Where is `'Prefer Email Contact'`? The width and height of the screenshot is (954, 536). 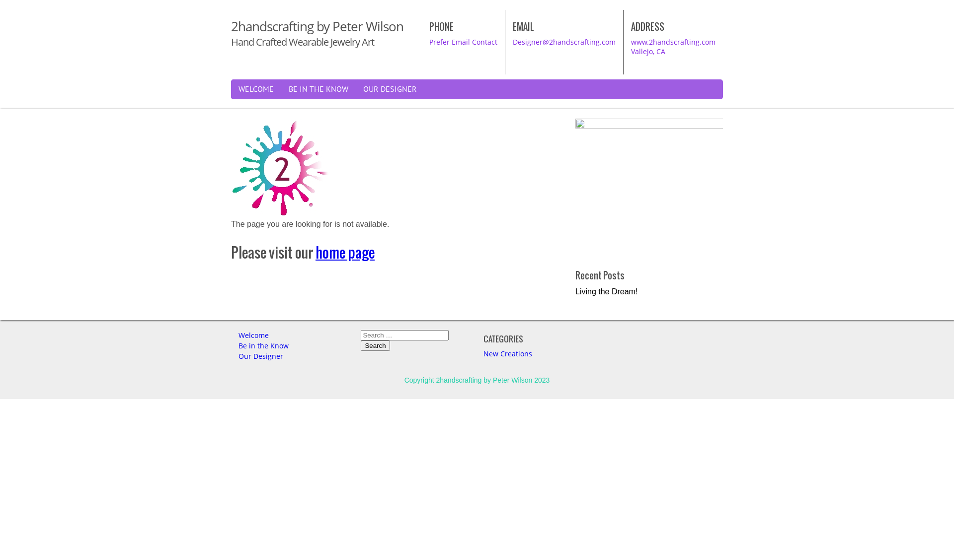 'Prefer Email Contact' is located at coordinates (463, 41).